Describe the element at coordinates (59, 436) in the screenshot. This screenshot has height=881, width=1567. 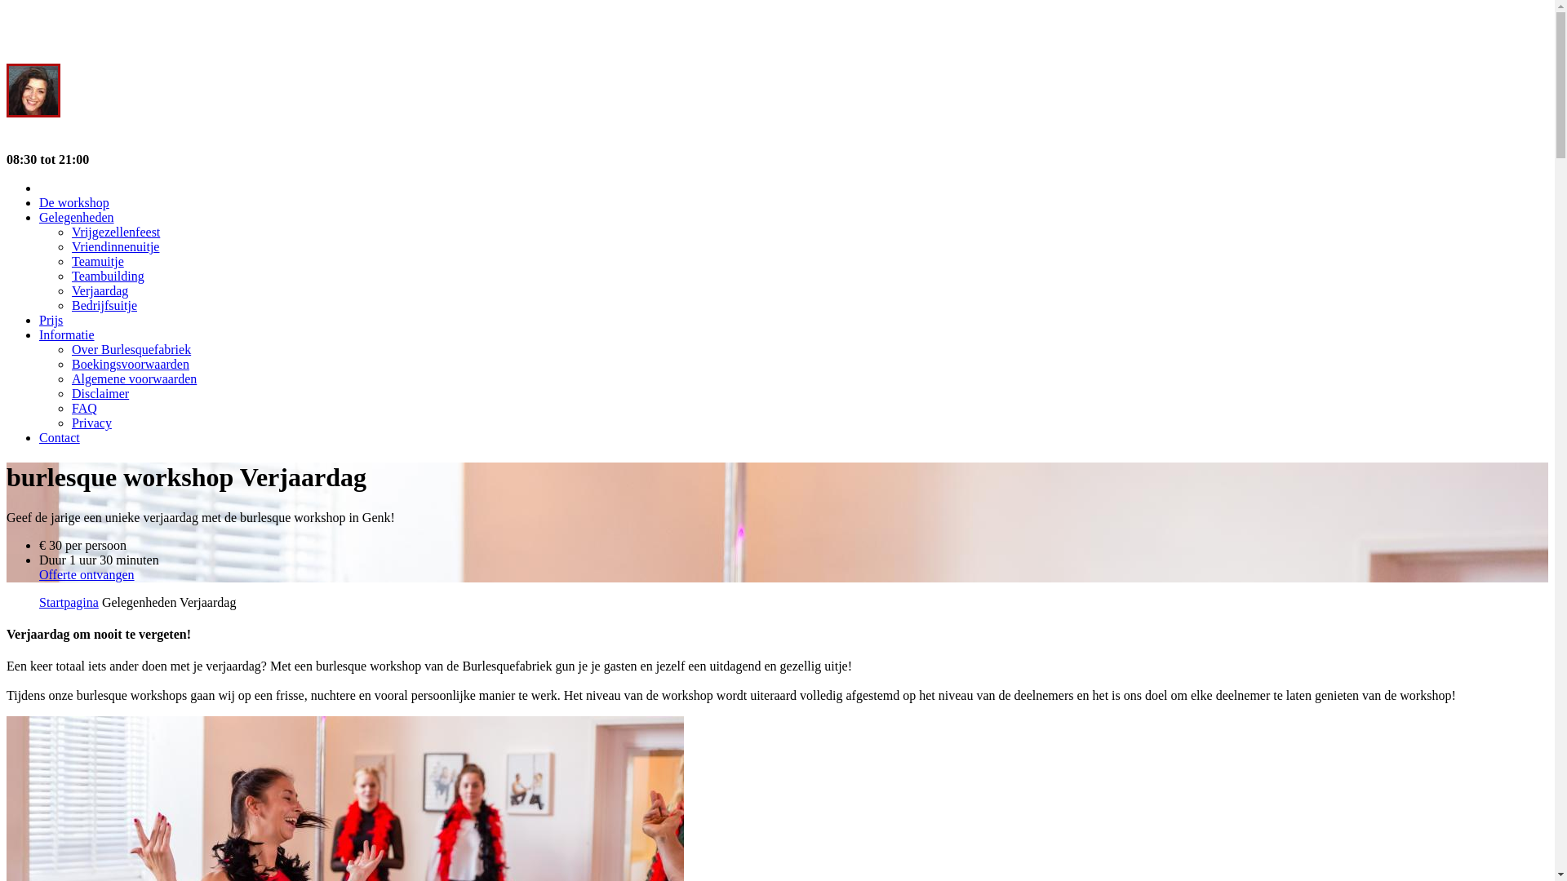
I see `'Contact'` at that location.